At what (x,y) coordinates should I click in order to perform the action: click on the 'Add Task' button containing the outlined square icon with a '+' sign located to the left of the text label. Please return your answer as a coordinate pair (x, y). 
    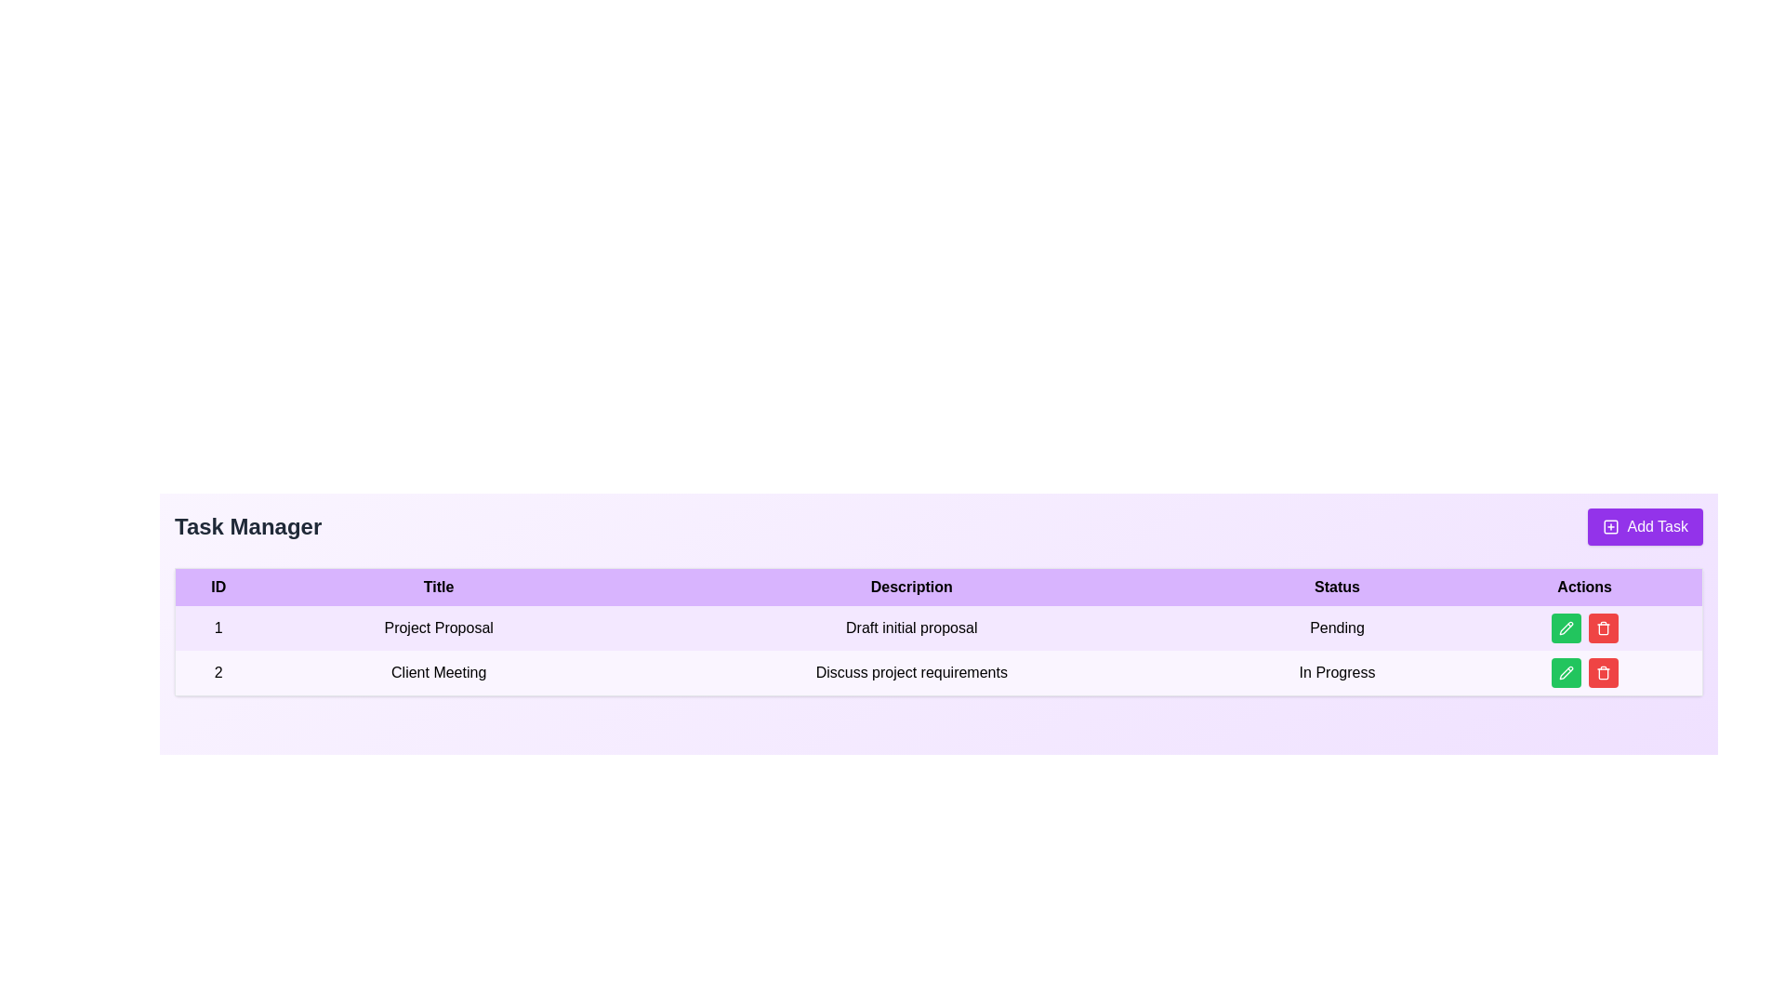
    Looking at the image, I should click on (1610, 527).